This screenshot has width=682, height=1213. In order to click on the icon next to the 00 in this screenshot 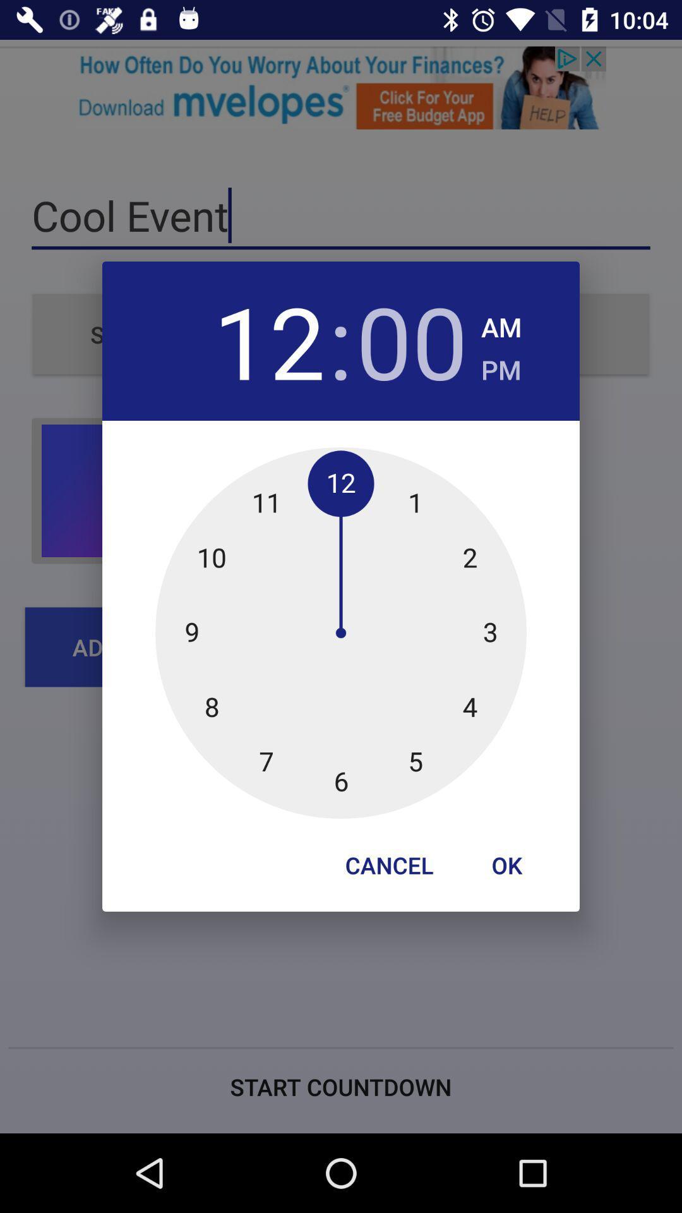, I will do `click(500, 365)`.